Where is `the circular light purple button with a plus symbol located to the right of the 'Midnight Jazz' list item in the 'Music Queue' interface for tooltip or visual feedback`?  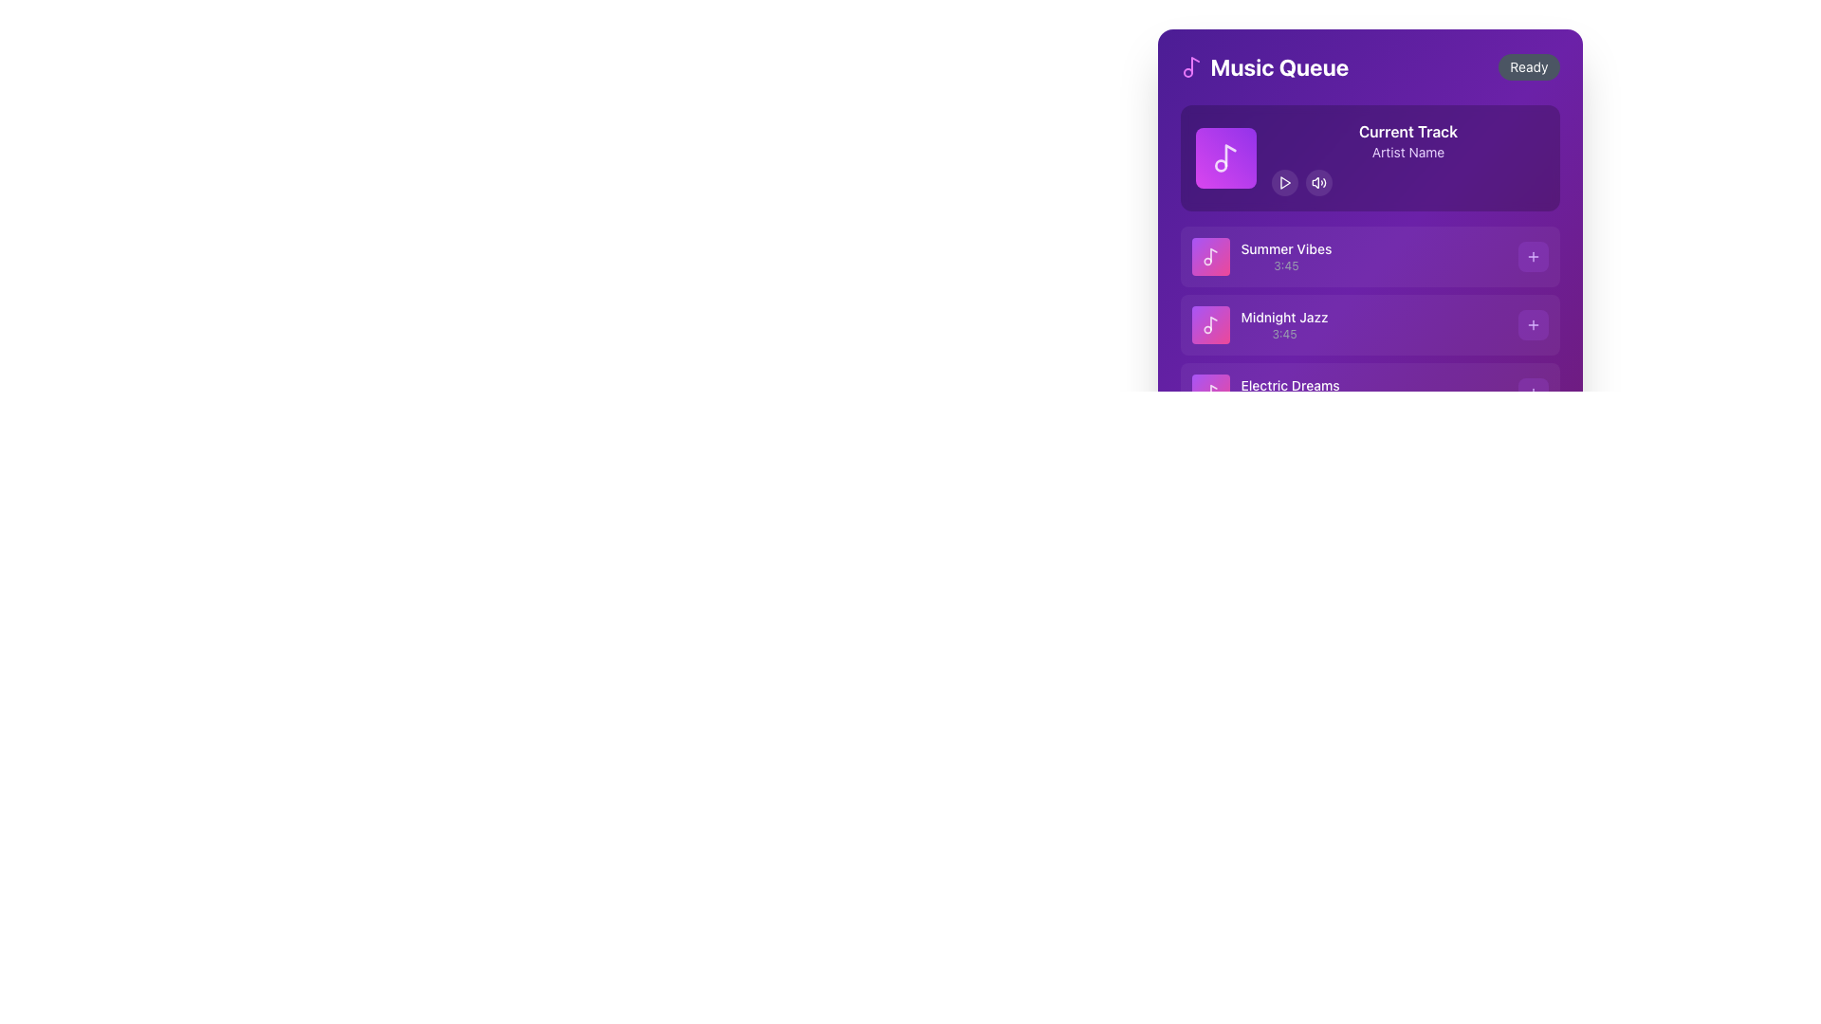
the circular light purple button with a plus symbol located to the right of the 'Midnight Jazz' list item in the 'Music Queue' interface for tooltip or visual feedback is located at coordinates (1533, 324).